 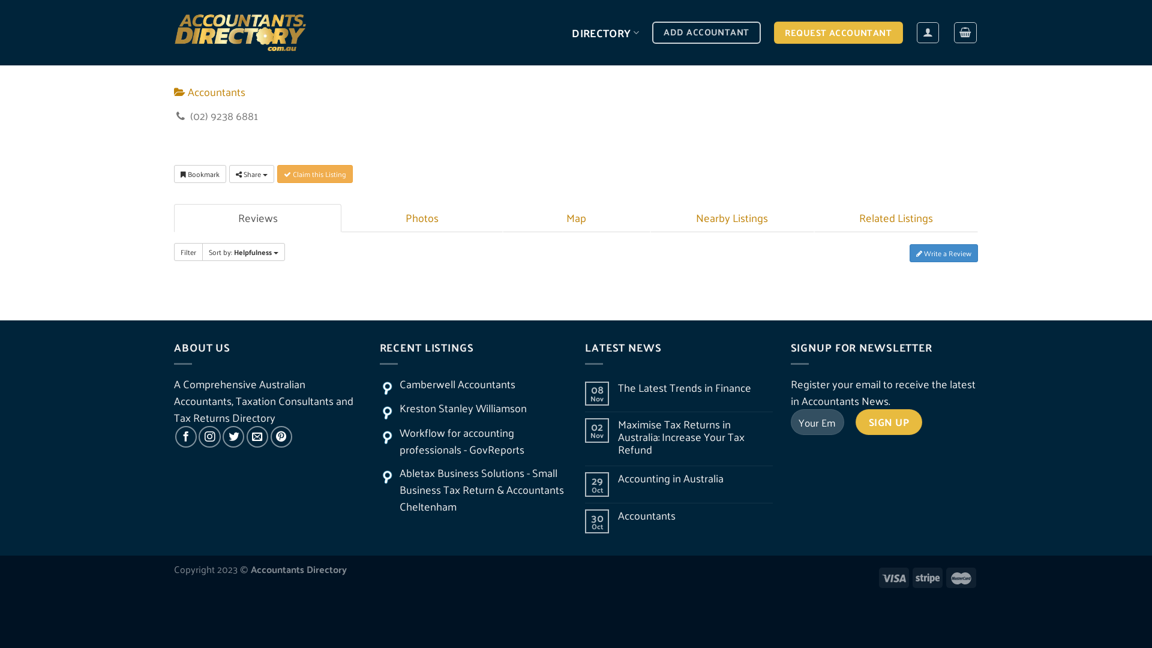 What do you see at coordinates (731, 218) in the screenshot?
I see `'Nearby Listings'` at bounding box center [731, 218].